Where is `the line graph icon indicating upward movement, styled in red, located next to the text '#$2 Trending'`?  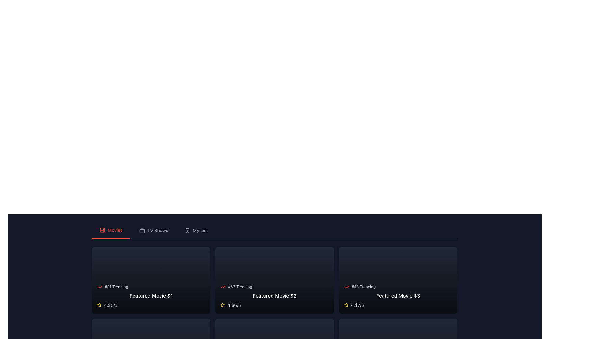 the line graph icon indicating upward movement, styled in red, located next to the text '#$2 Trending' is located at coordinates (223, 287).